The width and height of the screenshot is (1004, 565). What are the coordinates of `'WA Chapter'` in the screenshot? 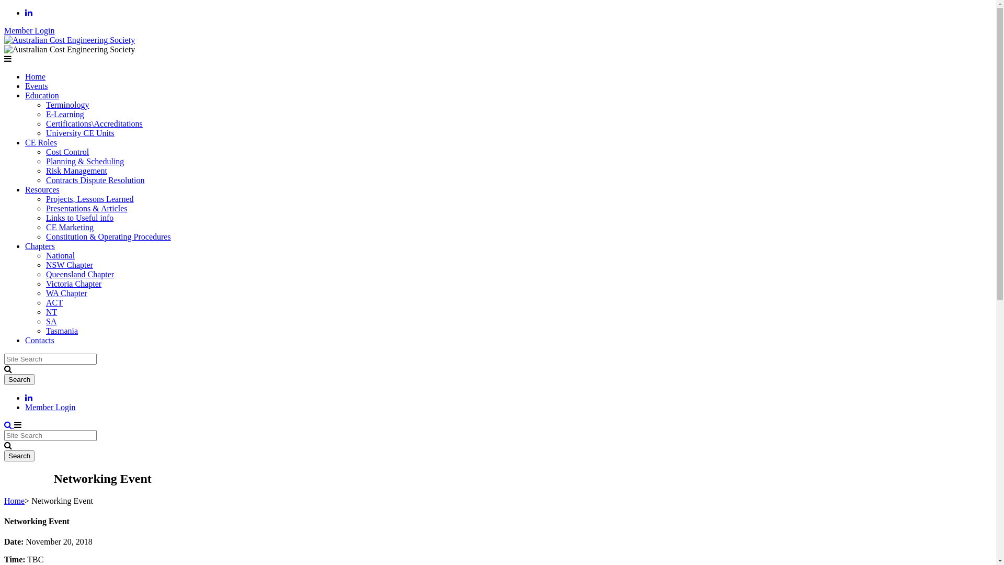 It's located at (45, 293).